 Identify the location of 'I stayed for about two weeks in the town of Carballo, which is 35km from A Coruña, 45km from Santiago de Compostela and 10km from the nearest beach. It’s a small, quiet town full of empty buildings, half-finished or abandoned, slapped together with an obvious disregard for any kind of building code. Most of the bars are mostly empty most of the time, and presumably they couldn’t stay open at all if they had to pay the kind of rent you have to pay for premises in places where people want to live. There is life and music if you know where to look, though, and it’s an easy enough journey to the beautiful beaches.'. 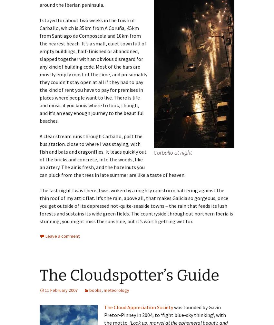
(39, 70).